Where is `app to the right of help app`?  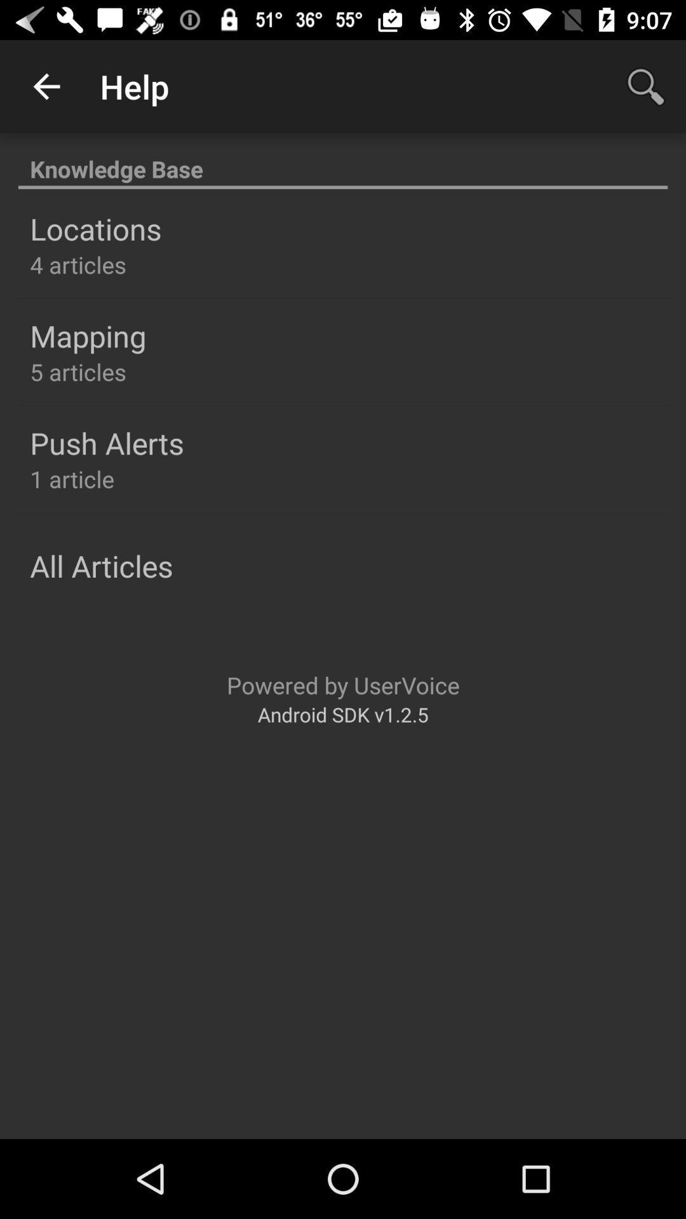 app to the right of help app is located at coordinates (646, 86).